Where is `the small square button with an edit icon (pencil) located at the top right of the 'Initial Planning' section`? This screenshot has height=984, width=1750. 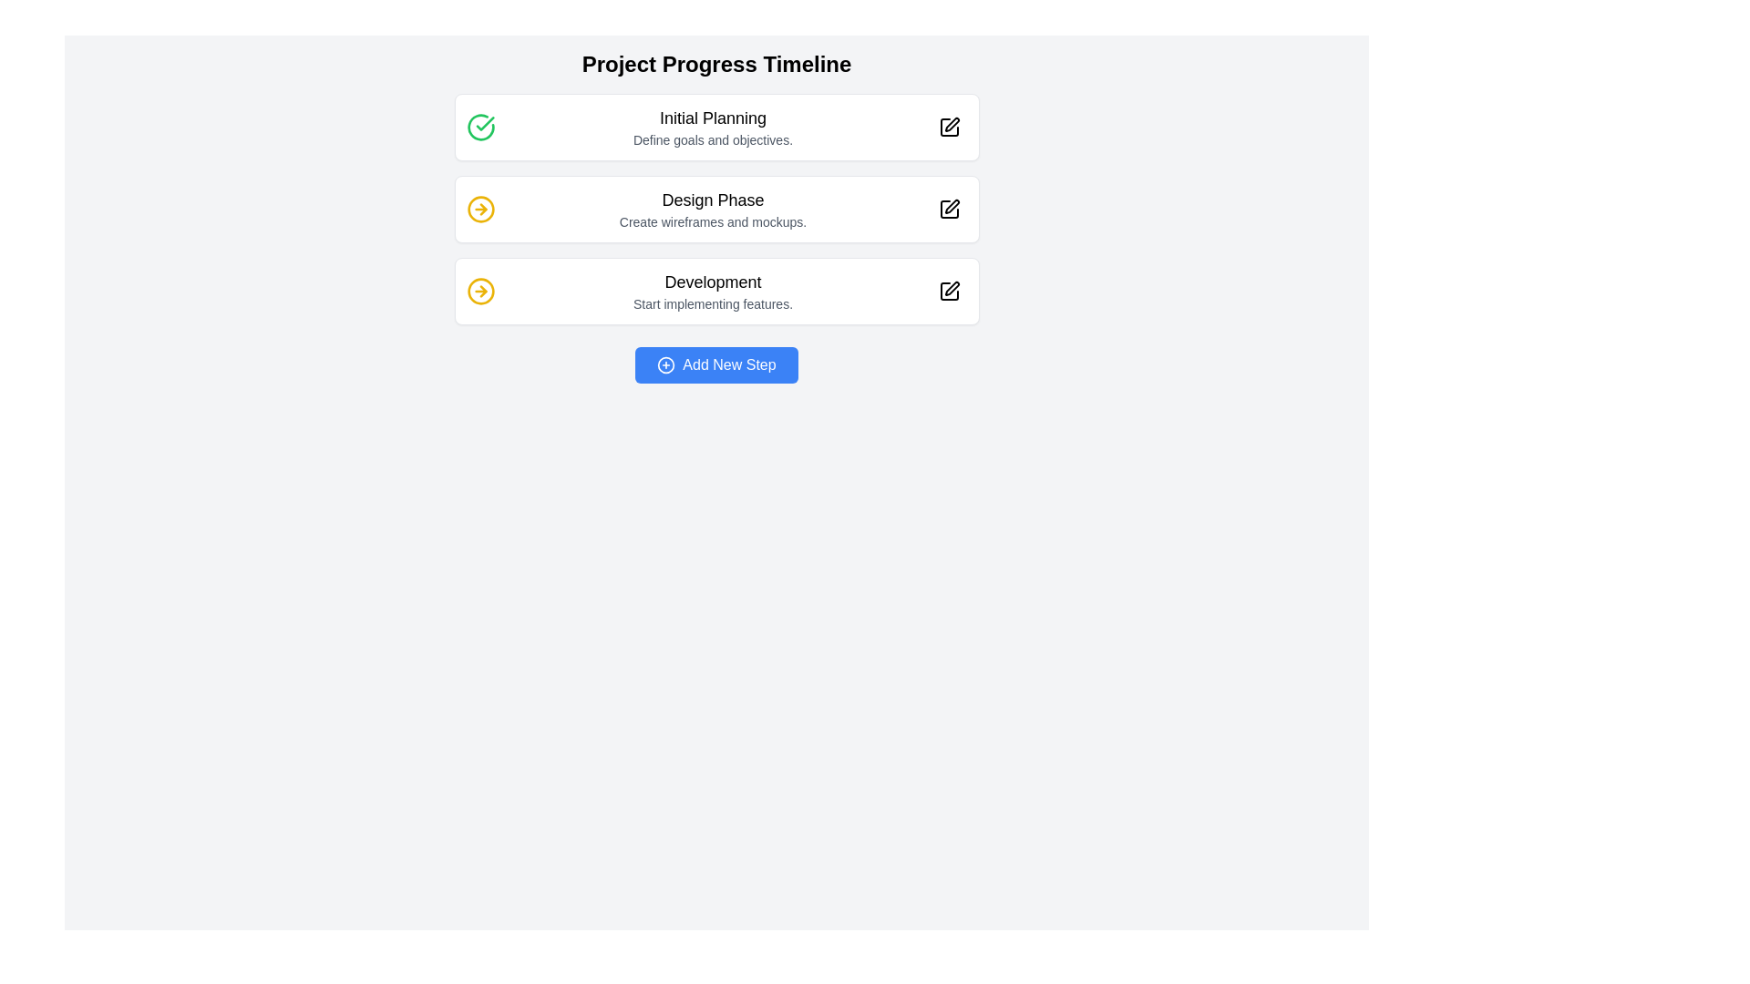 the small square button with an edit icon (pencil) located at the top right of the 'Initial Planning' section is located at coordinates (948, 126).